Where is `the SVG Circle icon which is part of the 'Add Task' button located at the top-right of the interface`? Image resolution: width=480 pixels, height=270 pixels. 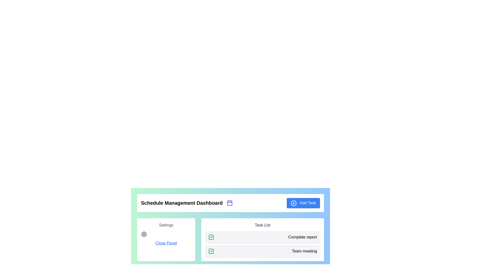
the SVG Circle icon which is part of the 'Add Task' button located at the top-right of the interface is located at coordinates (293, 203).